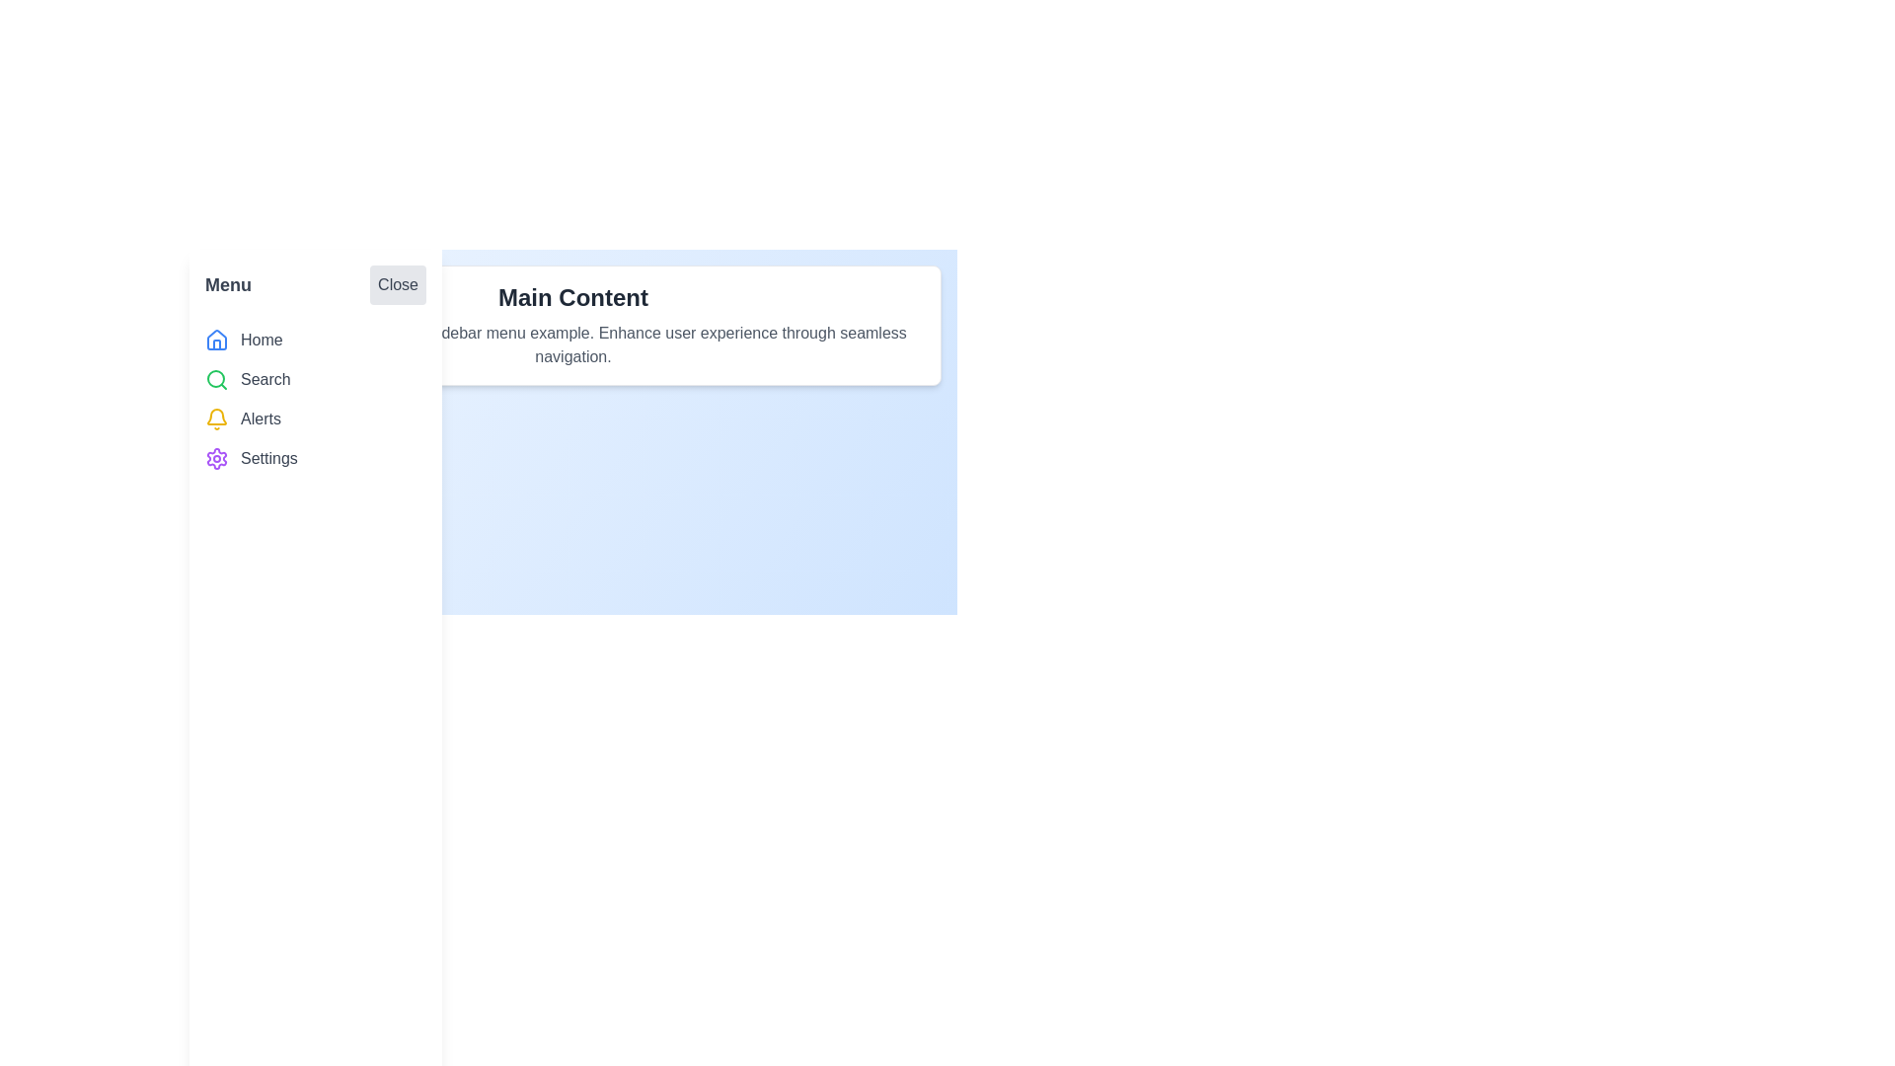 Image resolution: width=1895 pixels, height=1066 pixels. I want to click on the first Navigation link in the left sidebar, so click(316, 339).